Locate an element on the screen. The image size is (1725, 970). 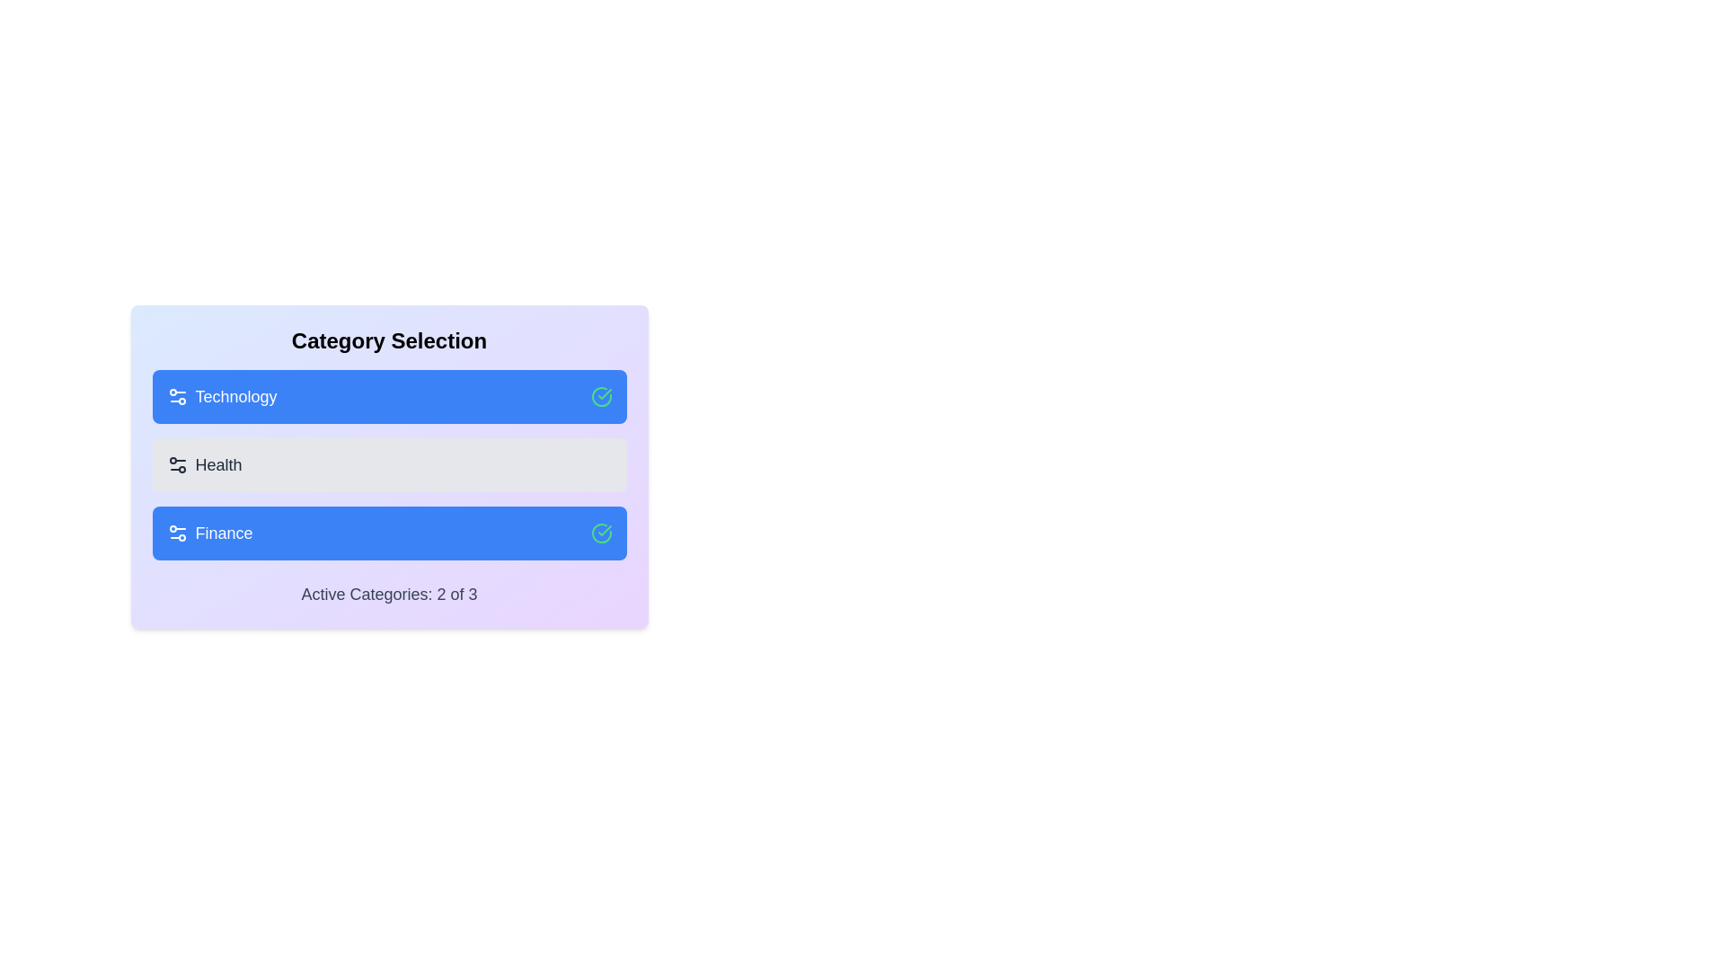
the 'Health' category to toggle its active state is located at coordinates (388, 463).